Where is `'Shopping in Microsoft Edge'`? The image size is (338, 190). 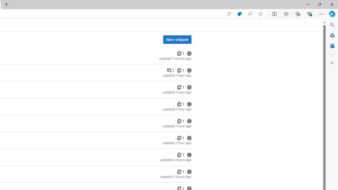 'Shopping in Microsoft Edge' is located at coordinates (239, 14).